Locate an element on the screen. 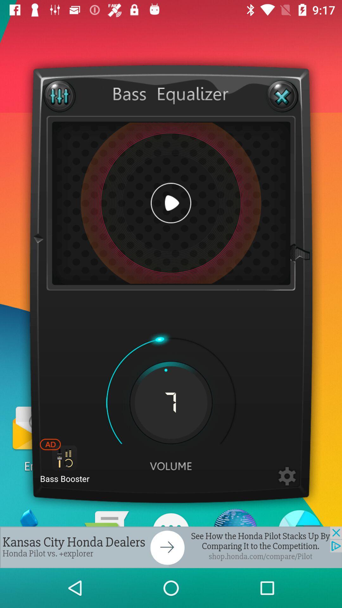 The height and width of the screenshot is (608, 342). the play icon is located at coordinates (171, 203).